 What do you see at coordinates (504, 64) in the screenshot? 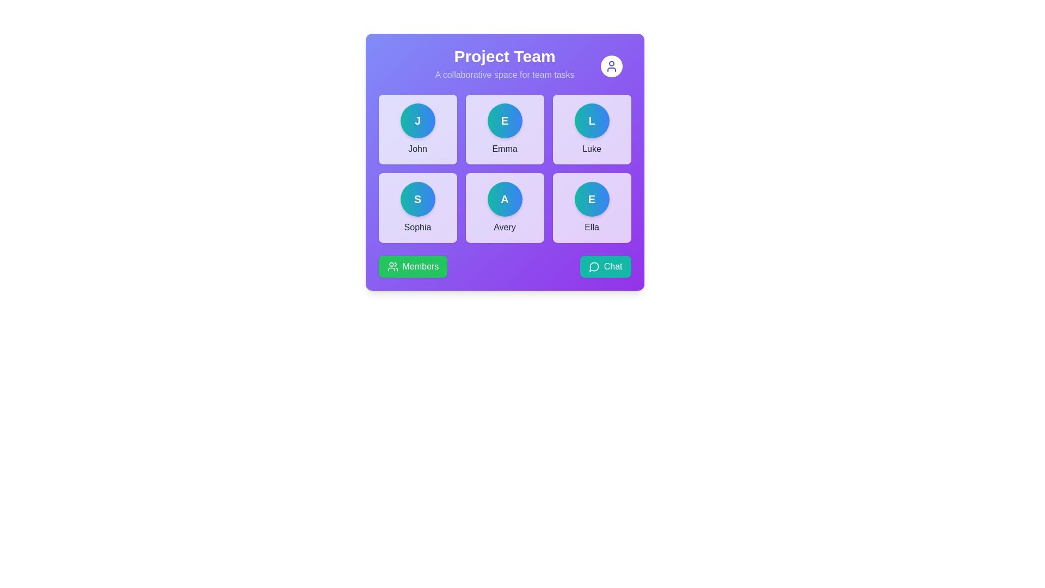
I see `the text block titled 'Project Team', which features a bold white title and a smaller description, located at the upper section of the colorful card layout` at bounding box center [504, 64].